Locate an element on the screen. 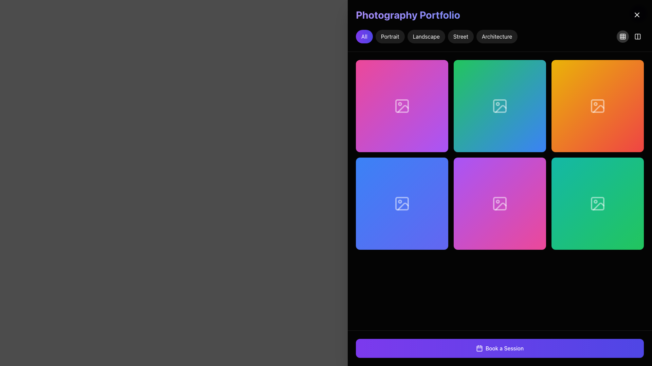  the pill-shaped button with a gradient color from violet to indigo, labeled 'All', to apply the 'All' filter is located at coordinates (364, 37).